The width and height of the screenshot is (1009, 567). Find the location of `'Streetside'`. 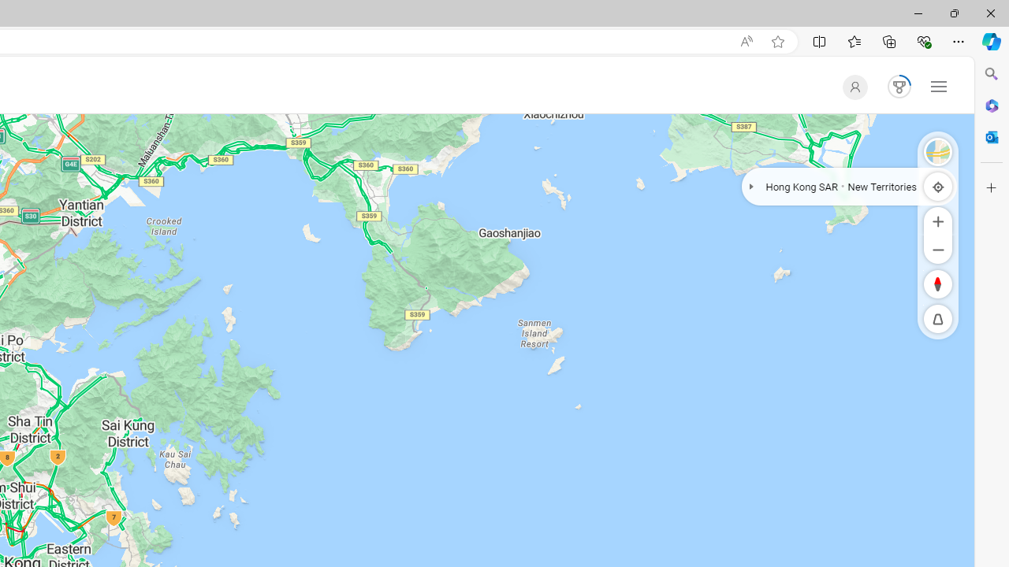

'Streetside' is located at coordinates (938, 151).